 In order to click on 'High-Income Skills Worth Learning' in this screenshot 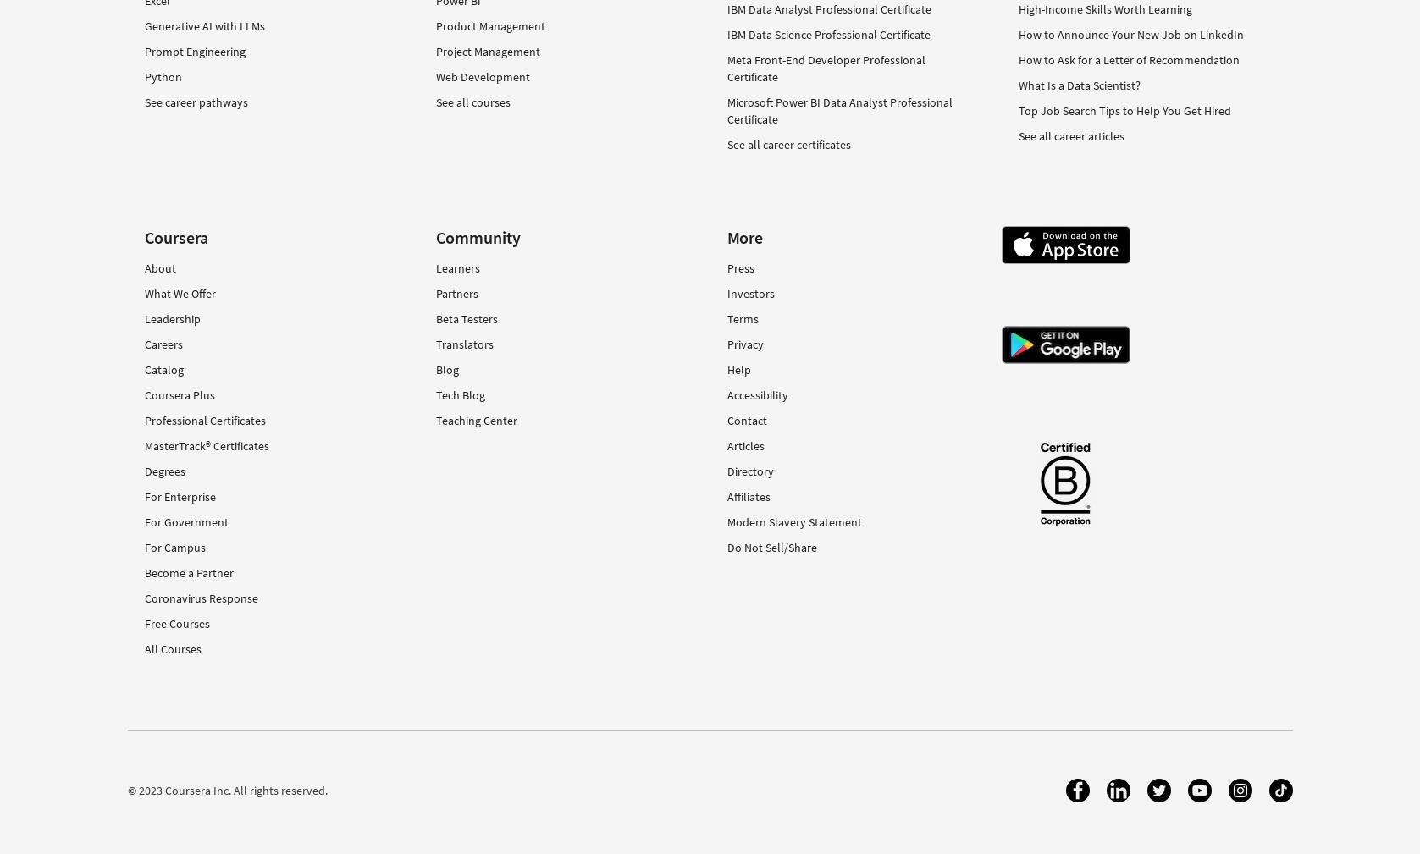, I will do `click(1104, 7)`.